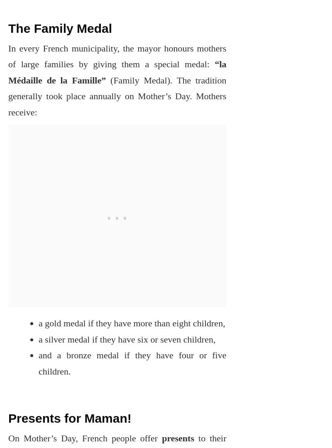 This screenshot has width=332, height=448. What do you see at coordinates (117, 95) in the screenshot?
I see `'(Family Medal). The tradition generally took place annually on Mother’s Day. Mothers receive:'` at bounding box center [117, 95].